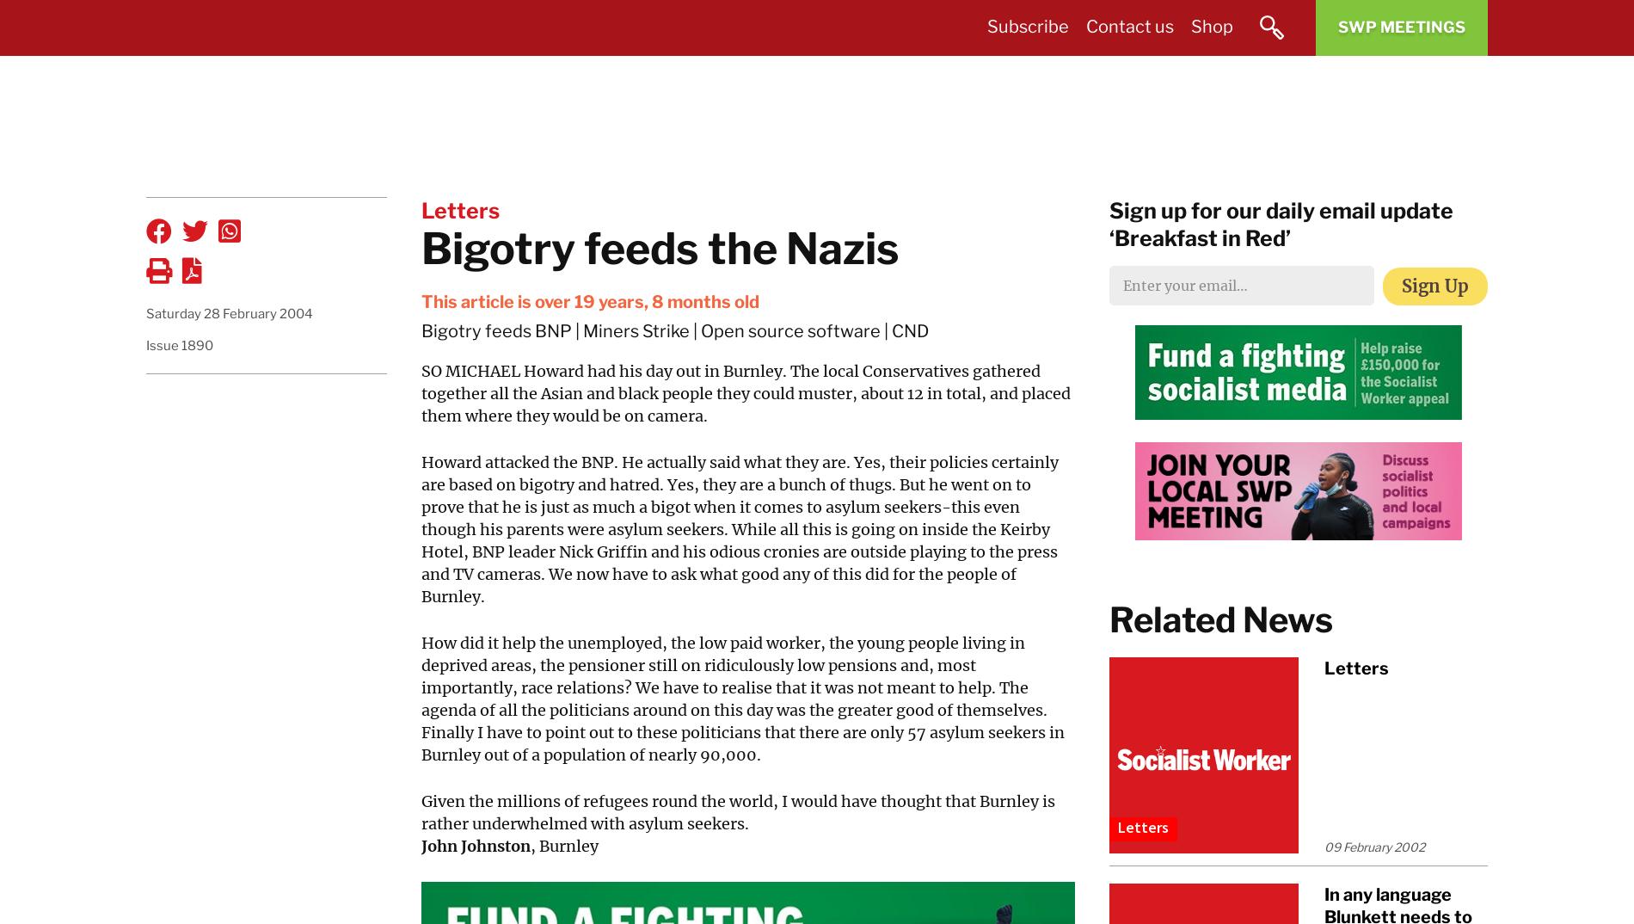  I want to click on 'Ideas & Theory', so click(1115, 255).